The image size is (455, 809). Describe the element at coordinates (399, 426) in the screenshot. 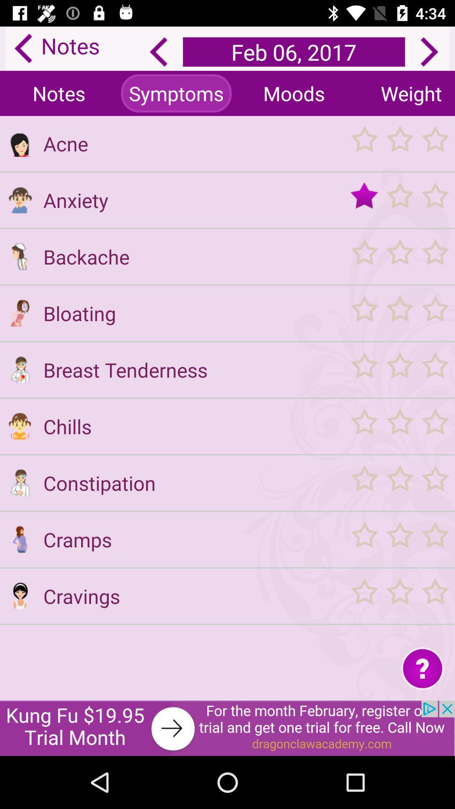

I see `a rating` at that location.